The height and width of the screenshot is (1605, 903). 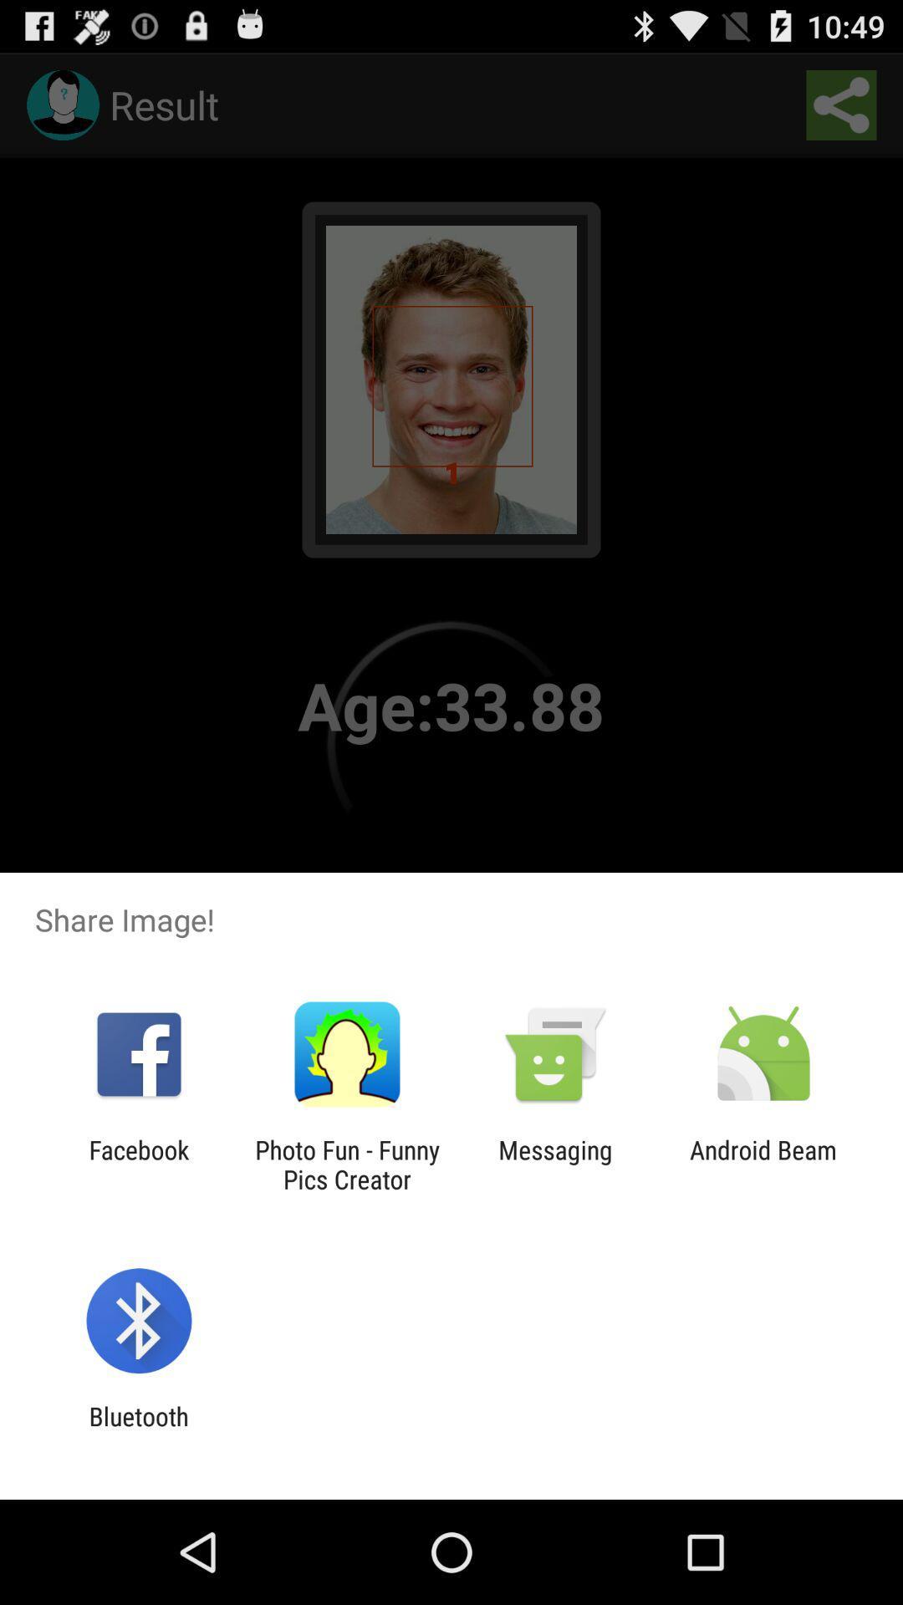 What do you see at coordinates (138, 1430) in the screenshot?
I see `the bluetooth app` at bounding box center [138, 1430].